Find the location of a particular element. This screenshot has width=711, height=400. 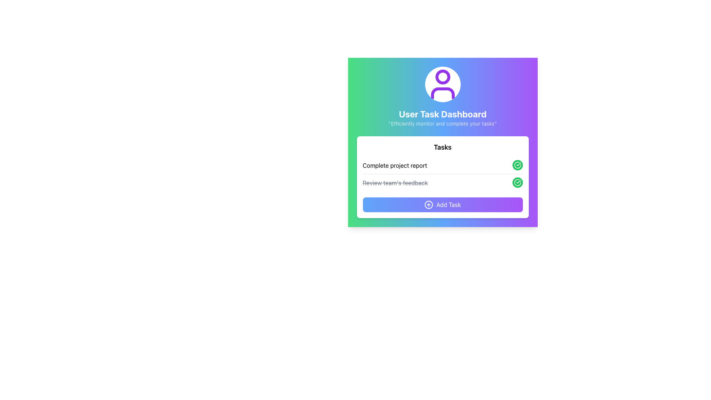

the confirmation button located in the 'Tasks' section of the user dashboard, which aligns with the 'Review team's feedback' entry in the second row is located at coordinates (517, 183).